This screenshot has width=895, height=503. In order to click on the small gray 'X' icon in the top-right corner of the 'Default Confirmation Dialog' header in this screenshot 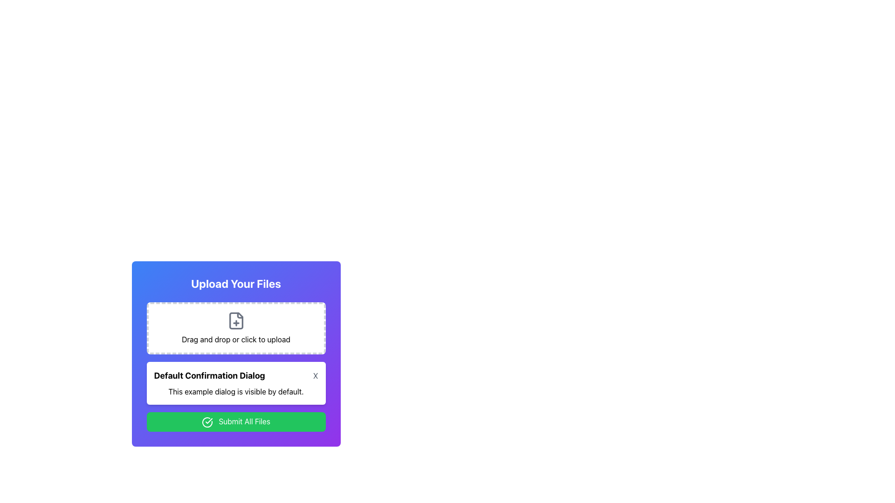, I will do `click(316, 375)`.